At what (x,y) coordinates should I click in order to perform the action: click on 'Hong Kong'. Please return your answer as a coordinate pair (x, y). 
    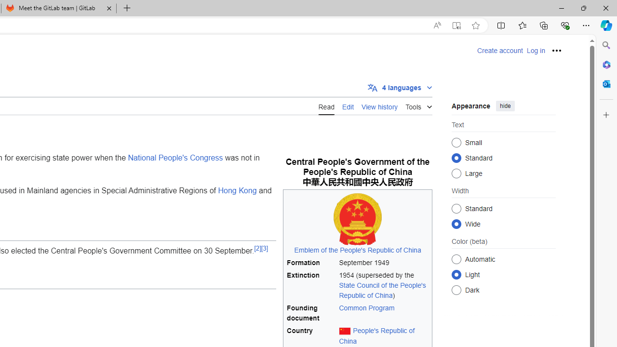
    Looking at the image, I should click on (237, 190).